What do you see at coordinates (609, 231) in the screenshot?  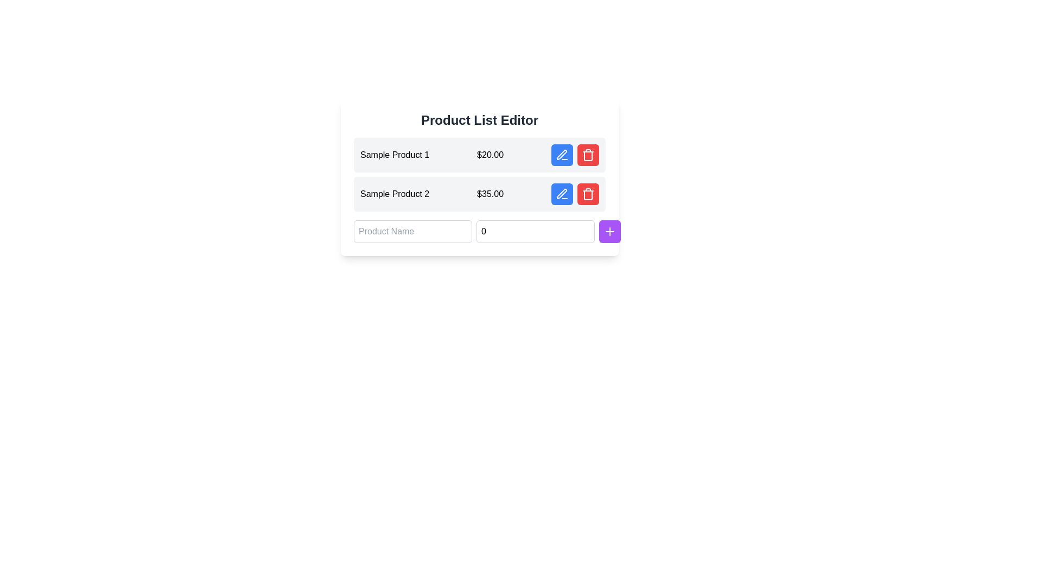 I see `the vibrant purple button with rounded corners that contains a white plus icon, located at the bottom-right of the input fields for 'Product Name' and 'Product Price'` at bounding box center [609, 231].